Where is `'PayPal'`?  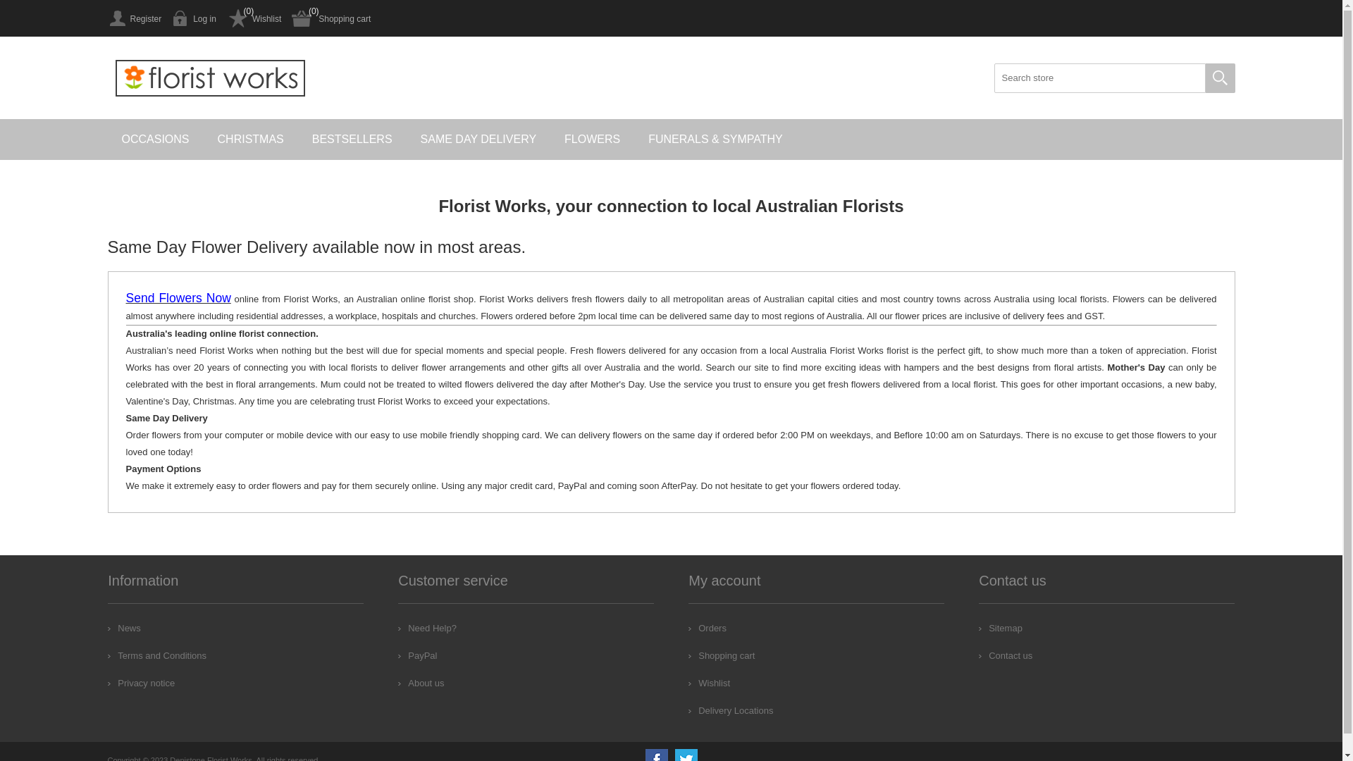 'PayPal' is located at coordinates (397, 655).